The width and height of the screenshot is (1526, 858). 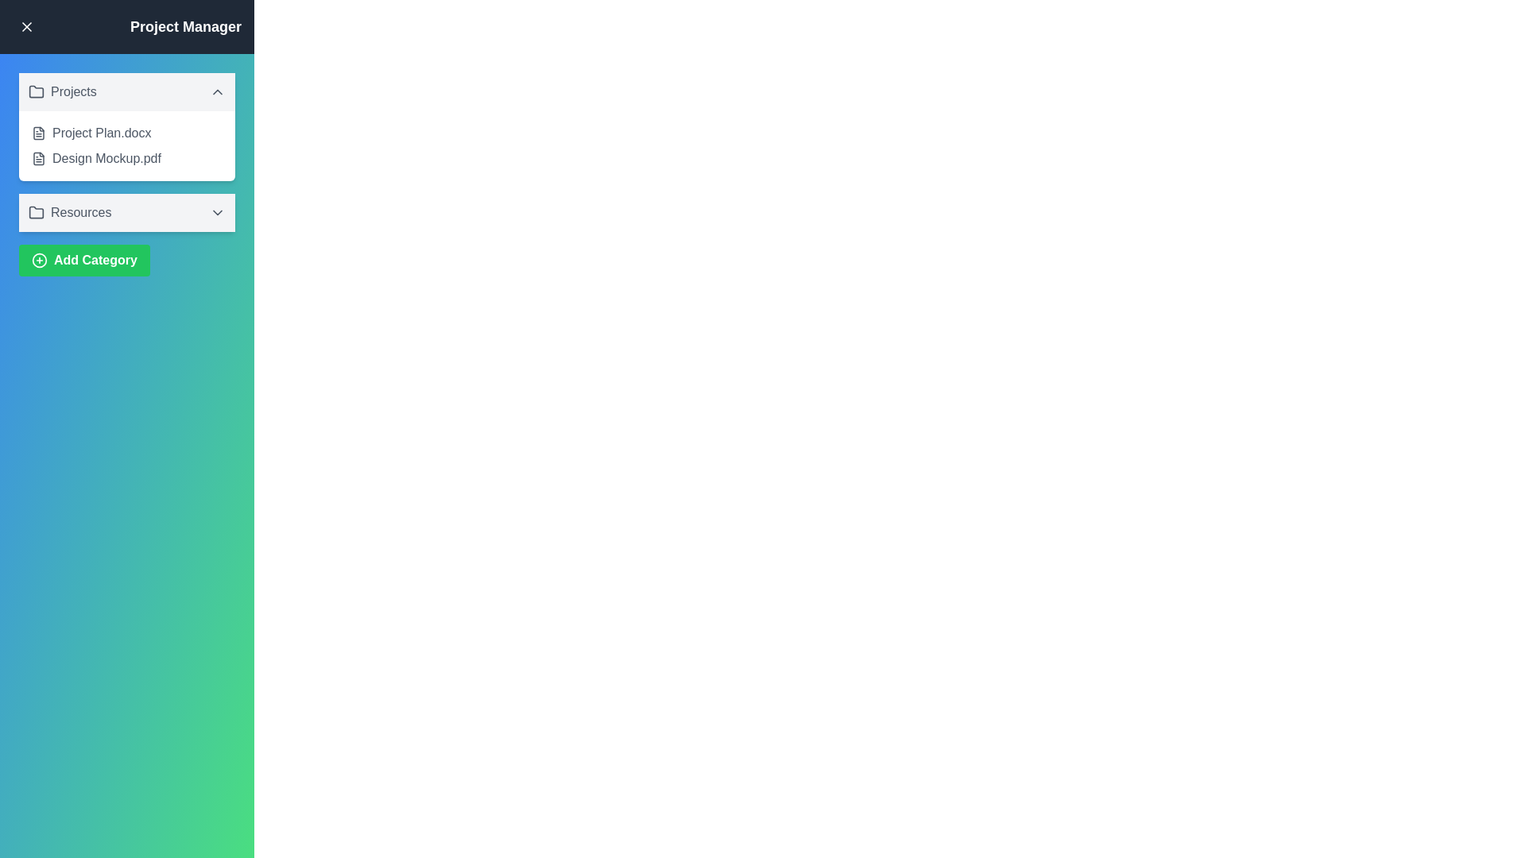 What do you see at coordinates (126, 146) in the screenshot?
I see `the textual list element displaying project-related files located under the 'Projects' header` at bounding box center [126, 146].